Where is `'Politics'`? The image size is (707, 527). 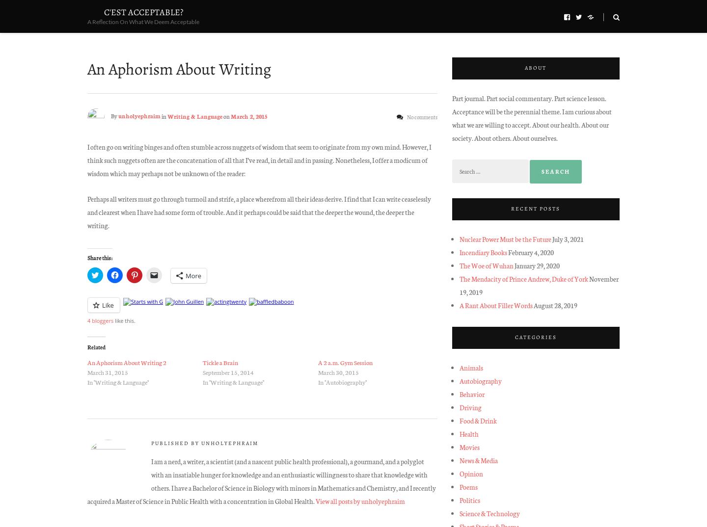 'Politics' is located at coordinates (469, 499).